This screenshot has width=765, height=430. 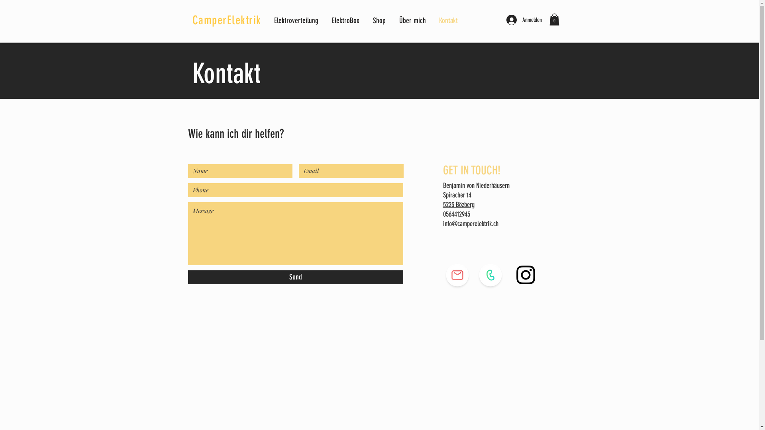 I want to click on '0', so click(x=548, y=19).